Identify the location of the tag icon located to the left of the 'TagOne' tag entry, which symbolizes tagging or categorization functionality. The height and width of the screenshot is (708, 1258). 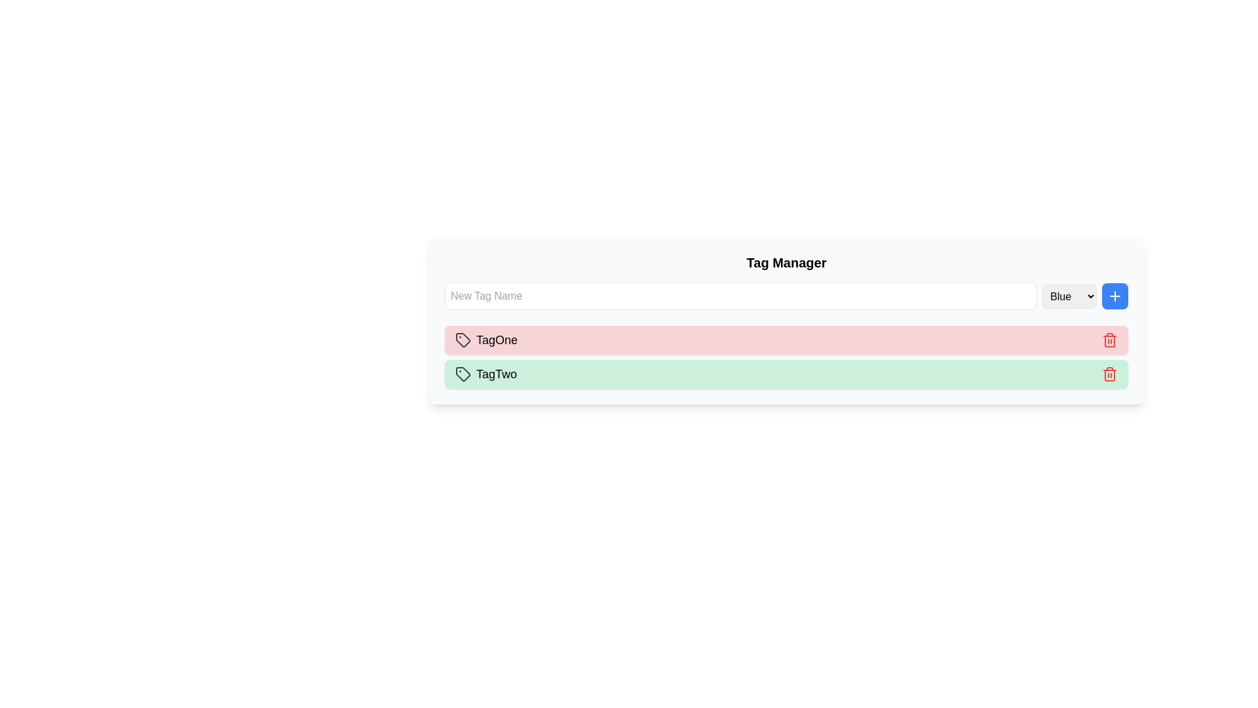
(463, 340).